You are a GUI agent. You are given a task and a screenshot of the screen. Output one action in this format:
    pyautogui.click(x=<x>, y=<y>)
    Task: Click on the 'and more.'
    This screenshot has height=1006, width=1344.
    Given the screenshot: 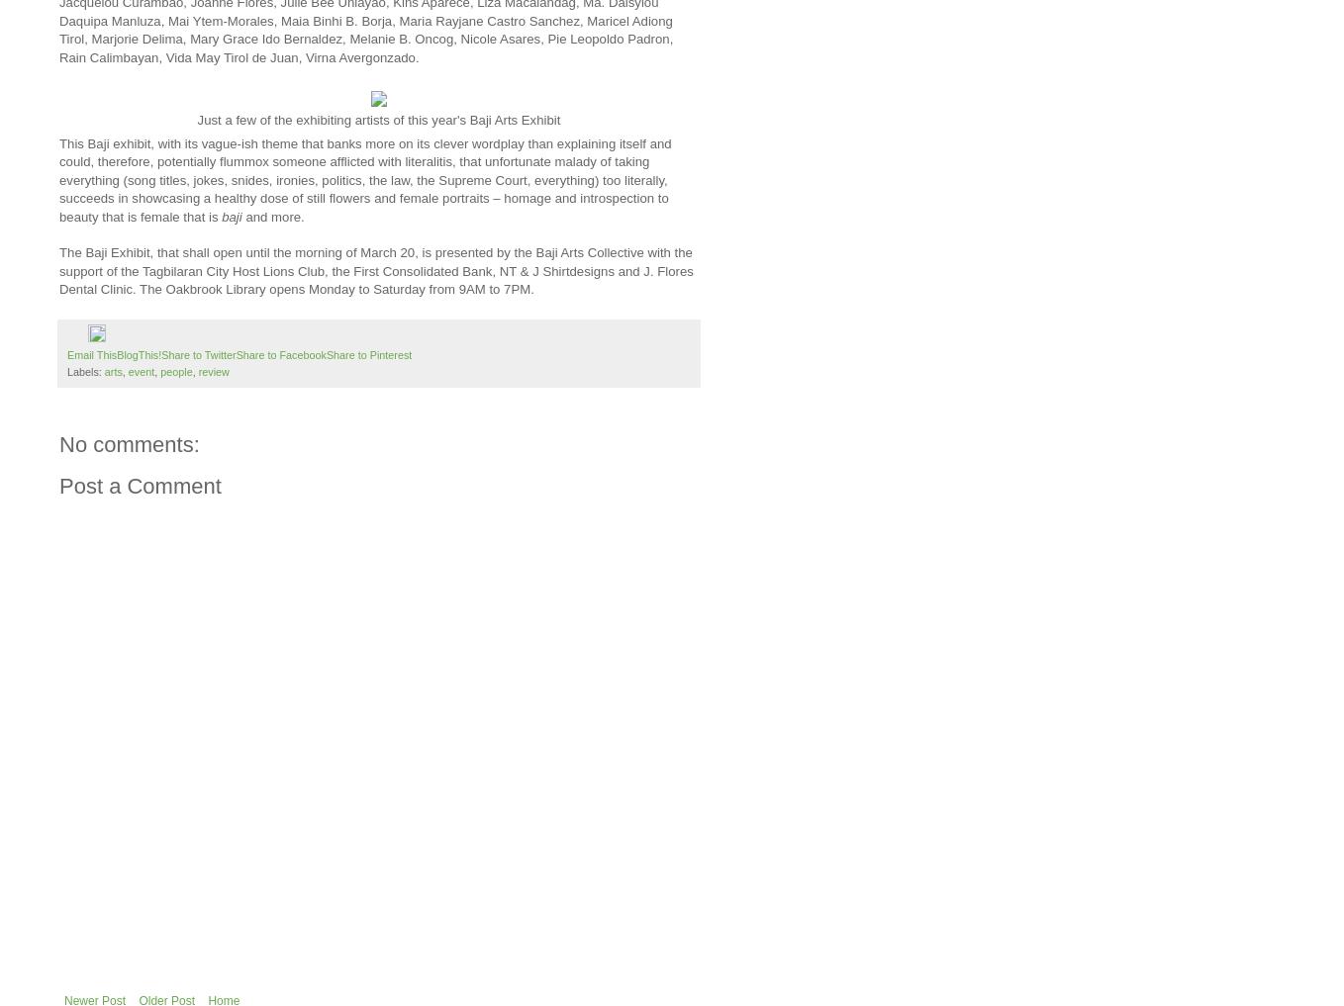 What is the action you would take?
    pyautogui.click(x=241, y=216)
    